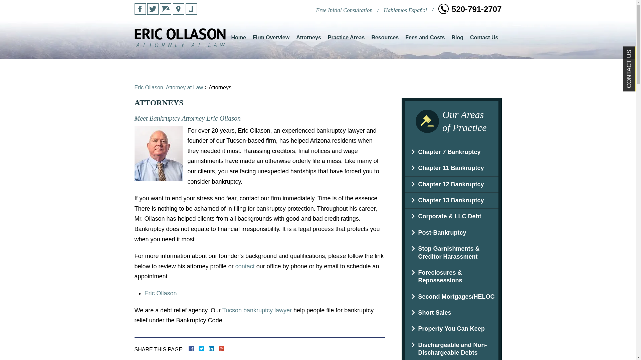 This screenshot has width=641, height=360. Describe the element at coordinates (346, 37) in the screenshot. I see `'Practice Areas'` at that location.